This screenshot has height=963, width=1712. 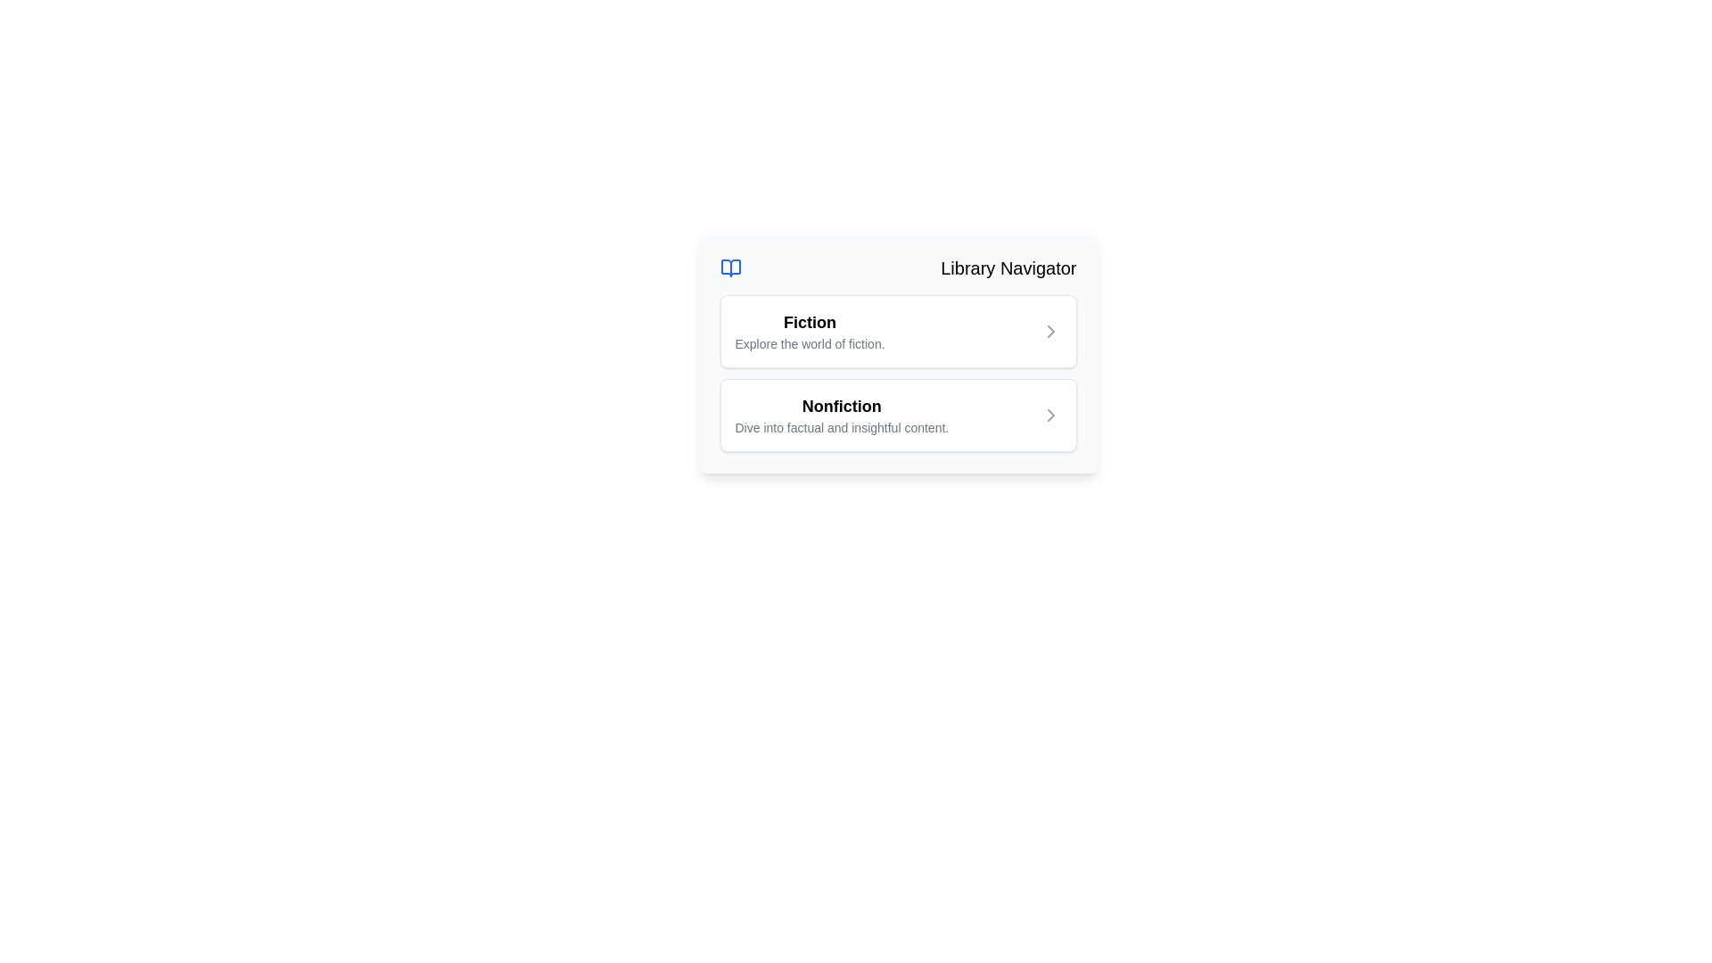 What do you see at coordinates (841, 406) in the screenshot?
I see `the text label that serves as a title for the section categorized as 'Nonfiction', positioned above the descriptive text and centrally aligned within its rectangular section` at bounding box center [841, 406].